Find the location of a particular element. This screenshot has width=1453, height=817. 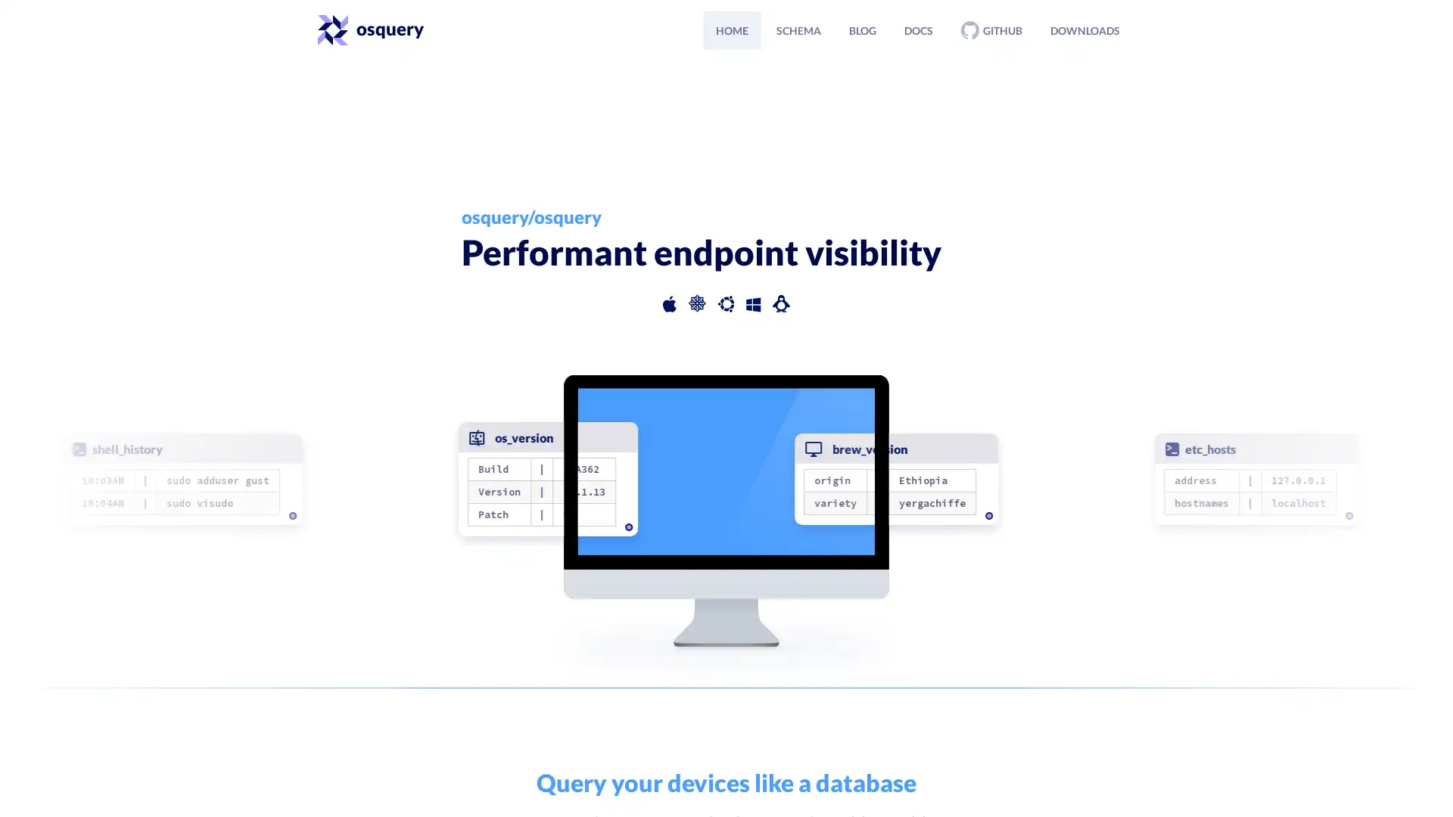

BLOG is located at coordinates (863, 30).